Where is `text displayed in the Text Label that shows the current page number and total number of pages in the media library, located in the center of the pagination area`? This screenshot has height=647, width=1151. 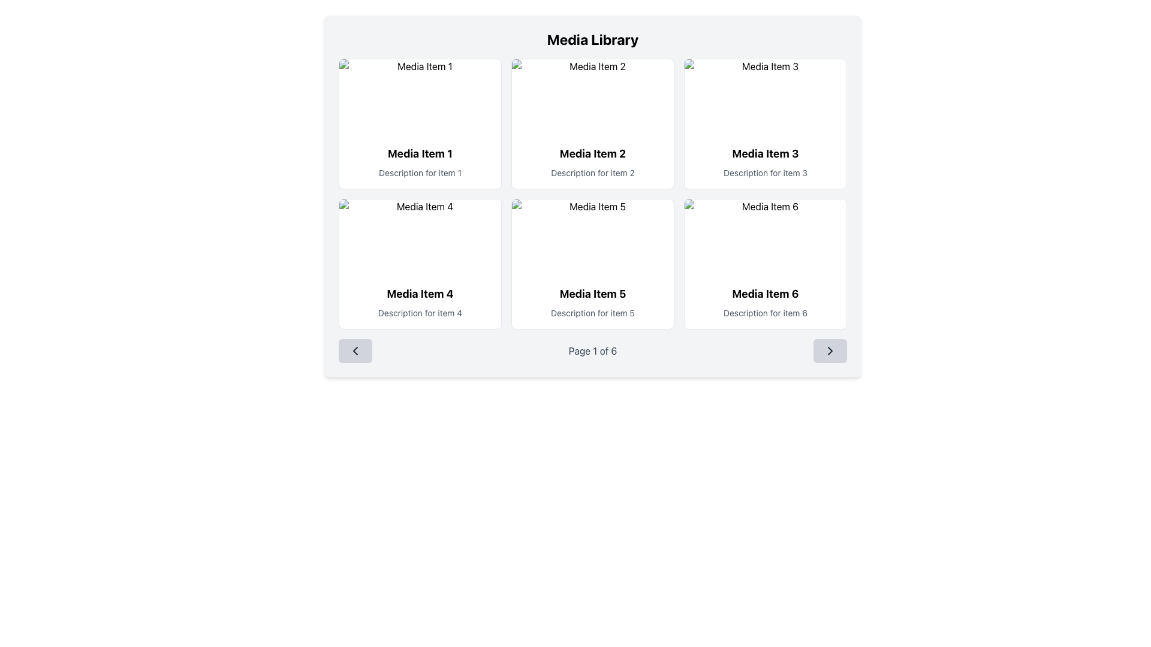
text displayed in the Text Label that shows the current page number and total number of pages in the media library, located in the center of the pagination area is located at coordinates (592, 350).